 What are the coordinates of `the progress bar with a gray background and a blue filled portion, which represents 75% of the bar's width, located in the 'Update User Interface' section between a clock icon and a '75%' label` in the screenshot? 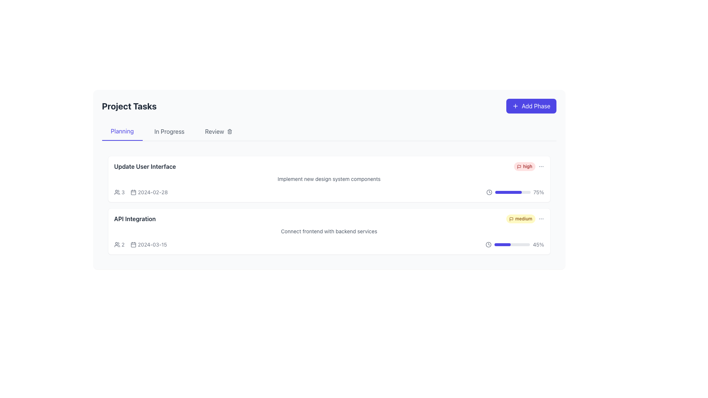 It's located at (512, 192).